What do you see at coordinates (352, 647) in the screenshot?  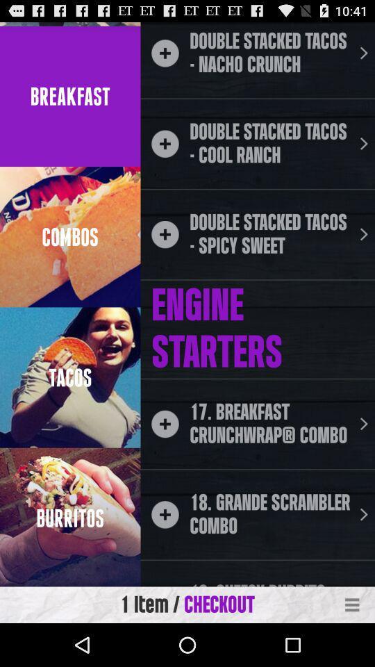 I see `the menu icon` at bounding box center [352, 647].